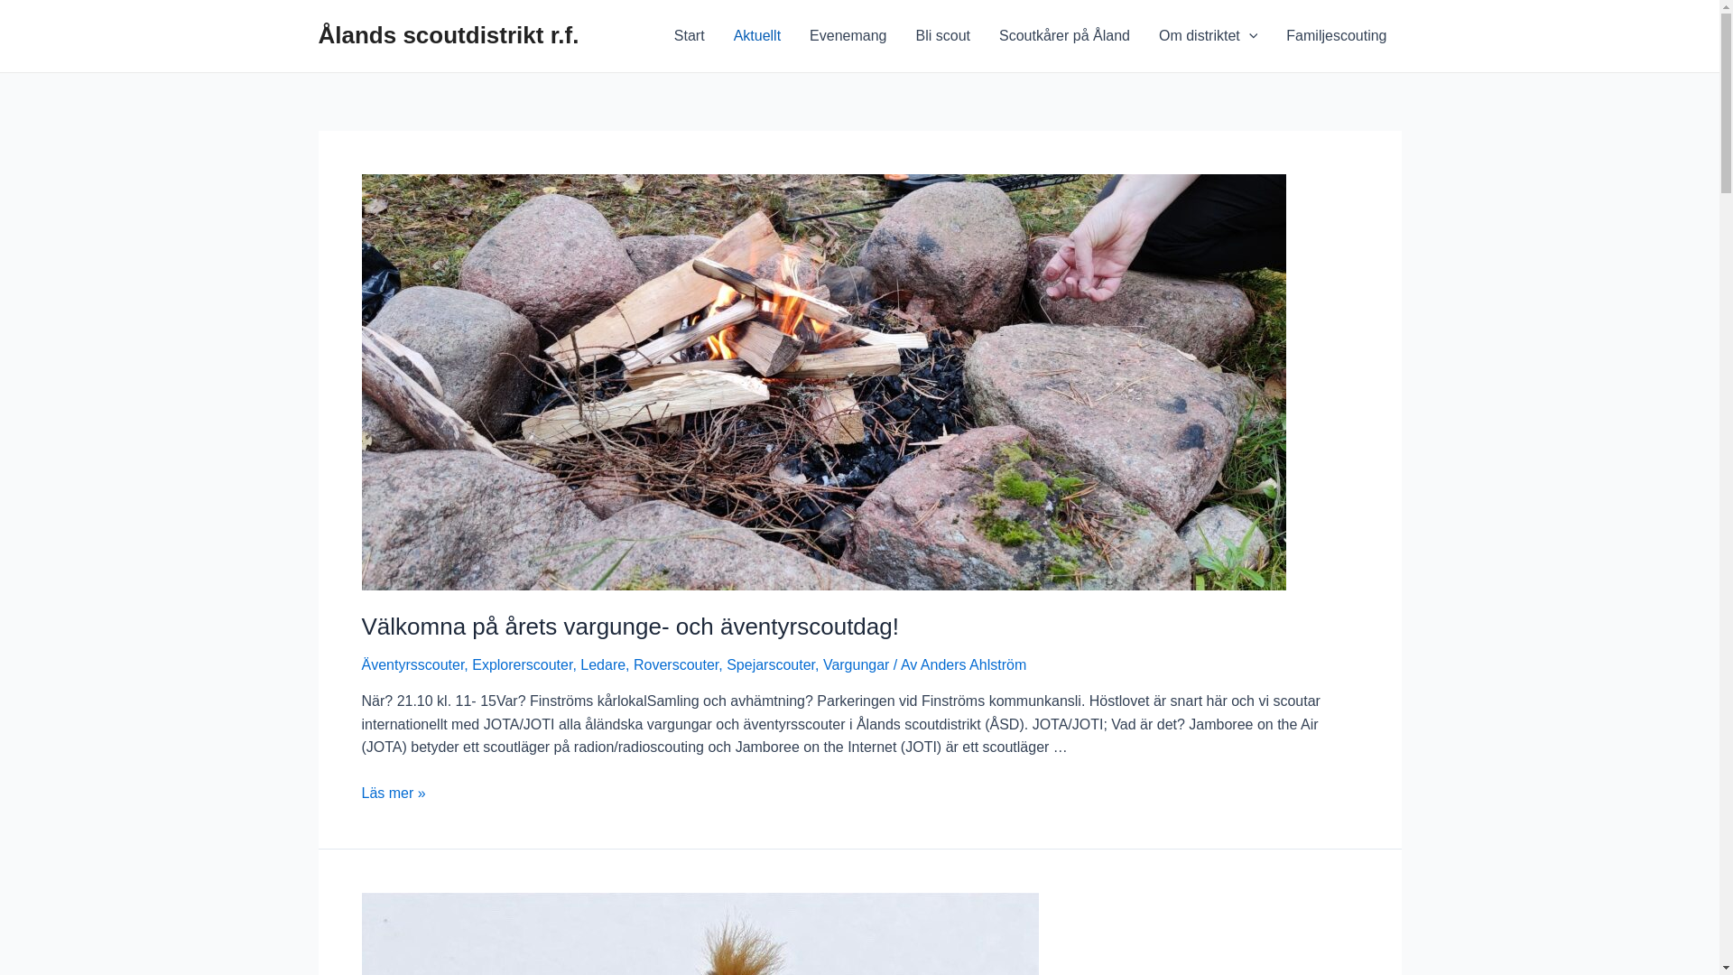 This screenshot has width=1733, height=975. Describe the element at coordinates (602, 664) in the screenshot. I see `'Ledare'` at that location.